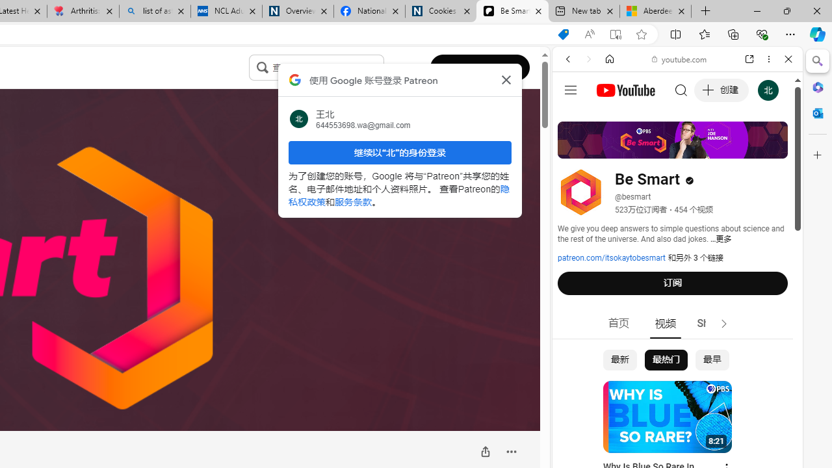 The height and width of the screenshot is (468, 832). Describe the element at coordinates (441, 11) in the screenshot. I see `'Cookies | About | NICE'` at that location.